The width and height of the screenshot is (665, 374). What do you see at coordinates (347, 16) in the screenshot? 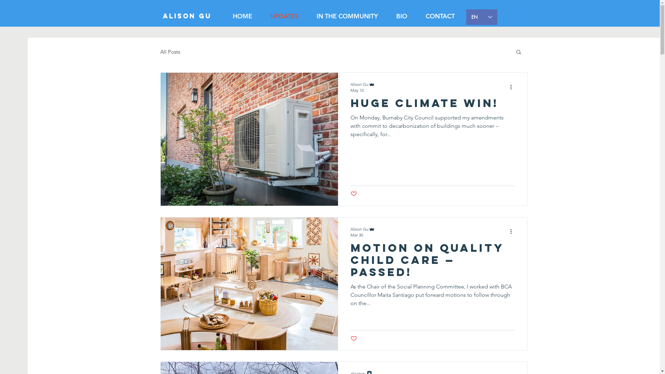
I see `'IN THE COMMUNITY'` at bounding box center [347, 16].